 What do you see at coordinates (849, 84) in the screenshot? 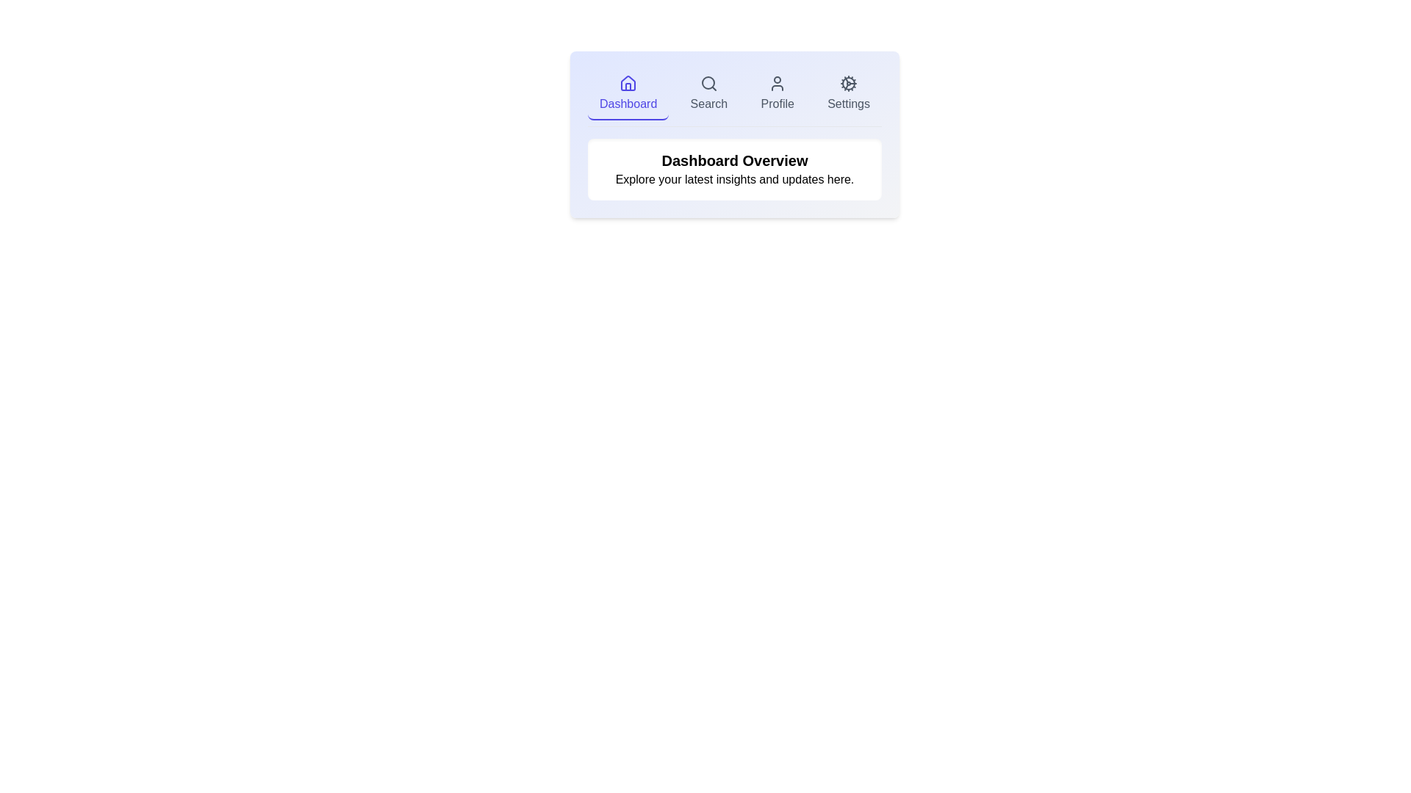
I see `the settings icon, which is a minimalistic grey cogwheel located as the fourth item in the navigation row` at bounding box center [849, 84].